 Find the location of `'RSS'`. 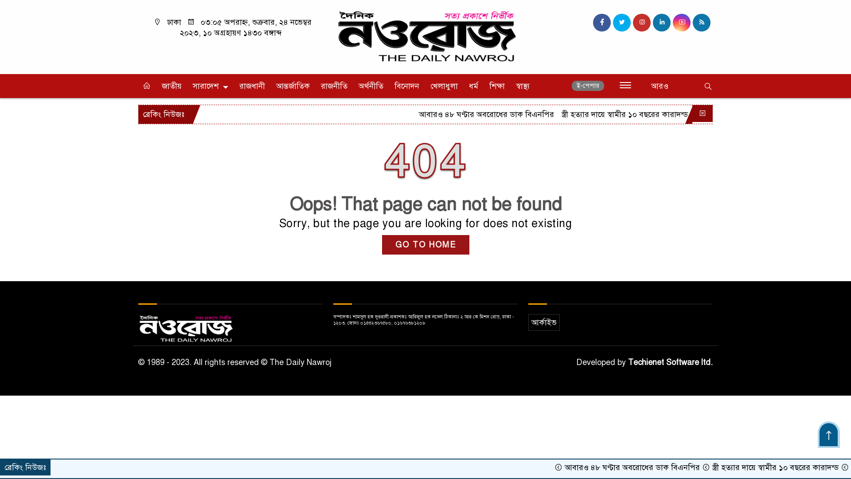

'RSS' is located at coordinates (701, 22).